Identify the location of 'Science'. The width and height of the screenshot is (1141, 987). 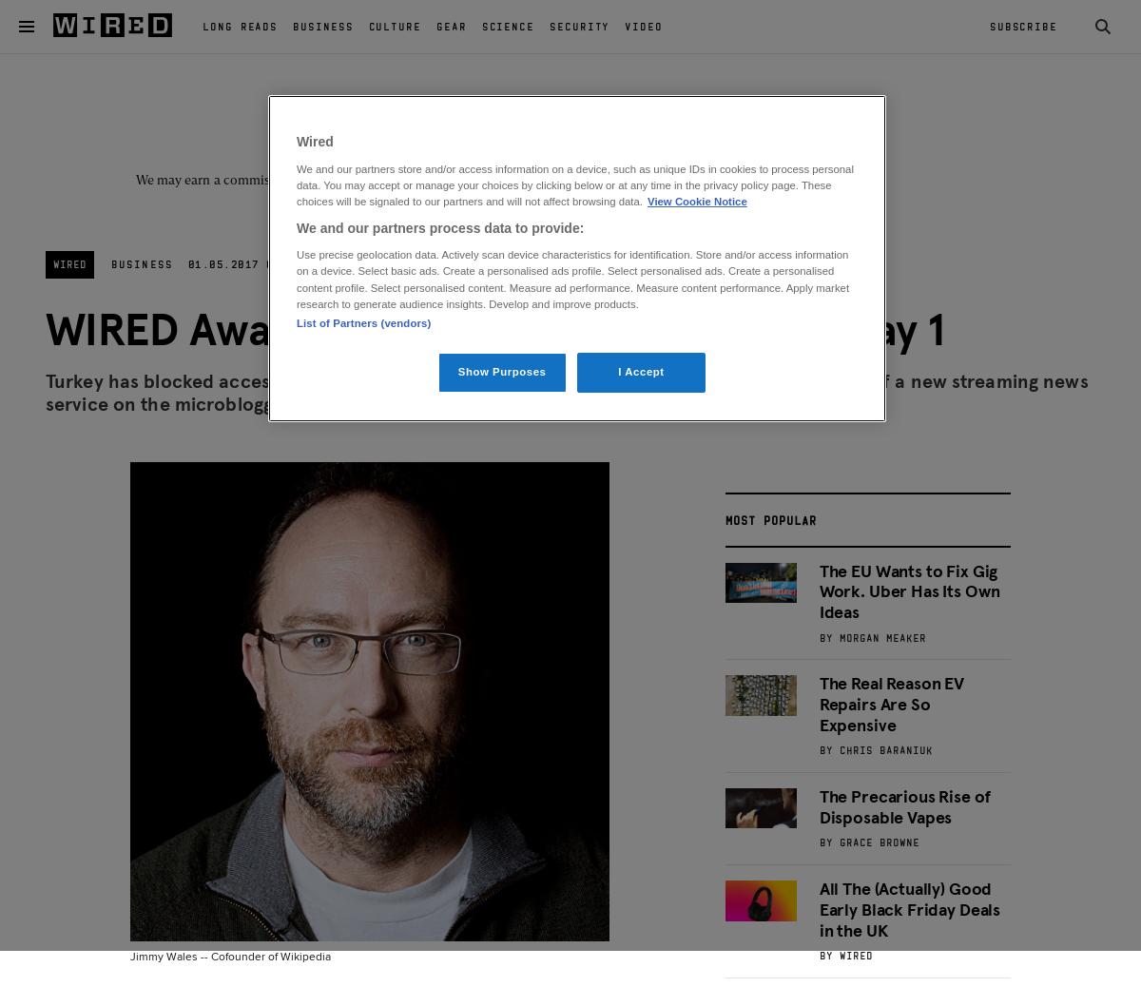
(507, 24).